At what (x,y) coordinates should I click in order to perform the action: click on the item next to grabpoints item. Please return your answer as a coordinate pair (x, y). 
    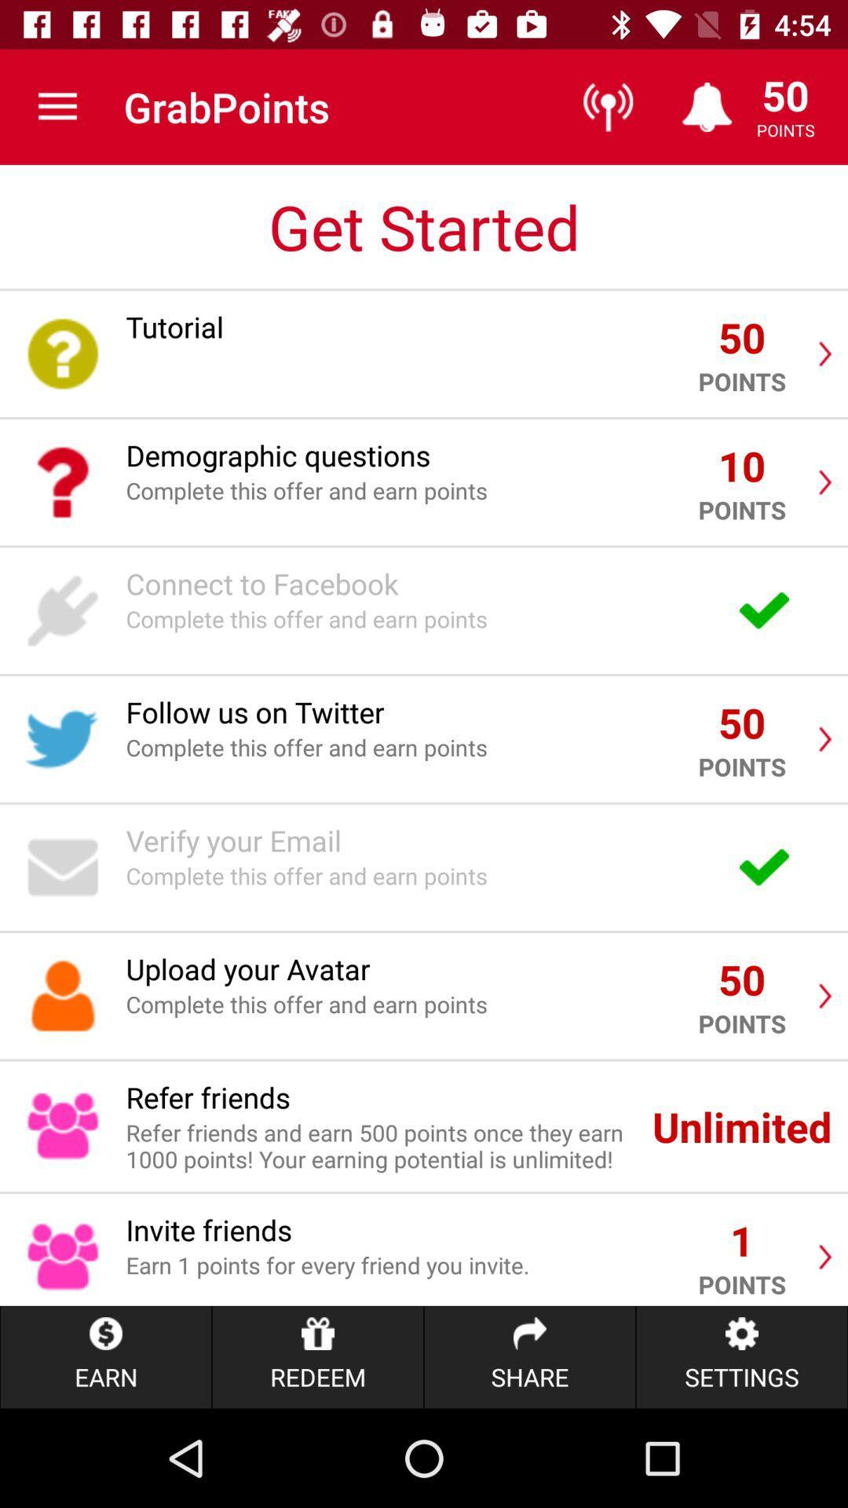
    Looking at the image, I should click on (57, 106).